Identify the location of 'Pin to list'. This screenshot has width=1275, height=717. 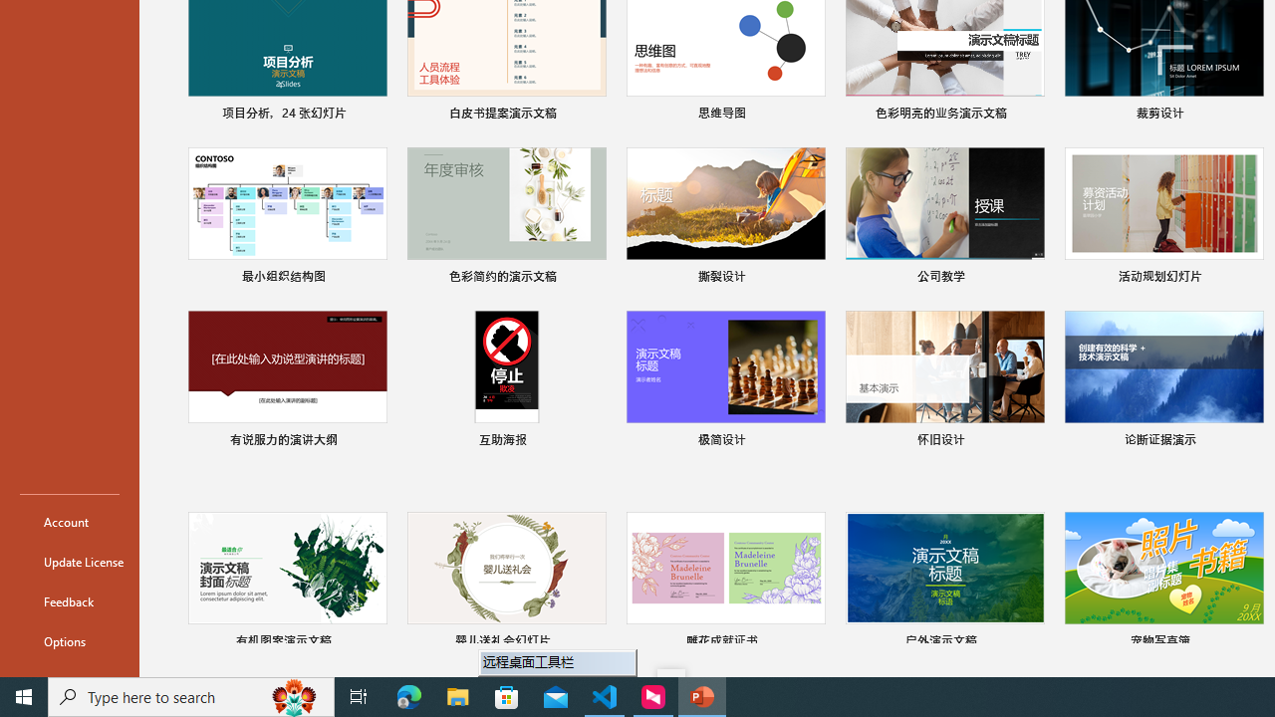
(1249, 642).